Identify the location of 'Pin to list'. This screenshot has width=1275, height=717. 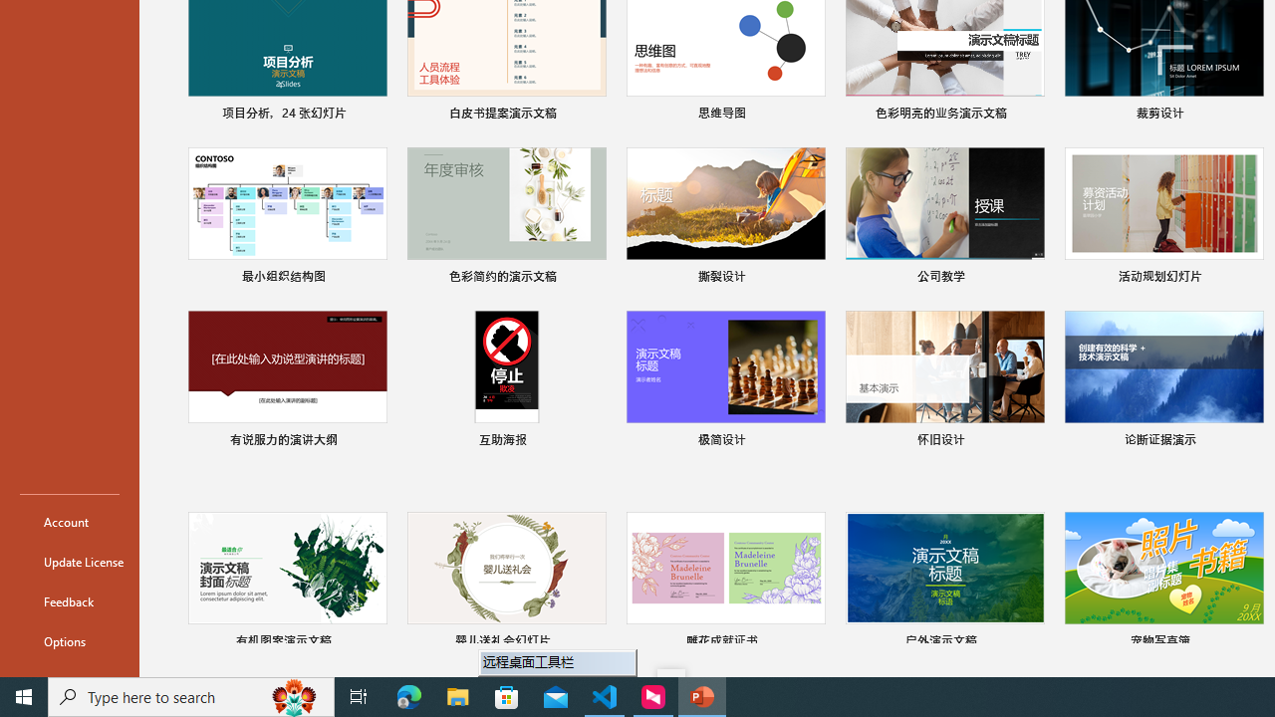
(1249, 642).